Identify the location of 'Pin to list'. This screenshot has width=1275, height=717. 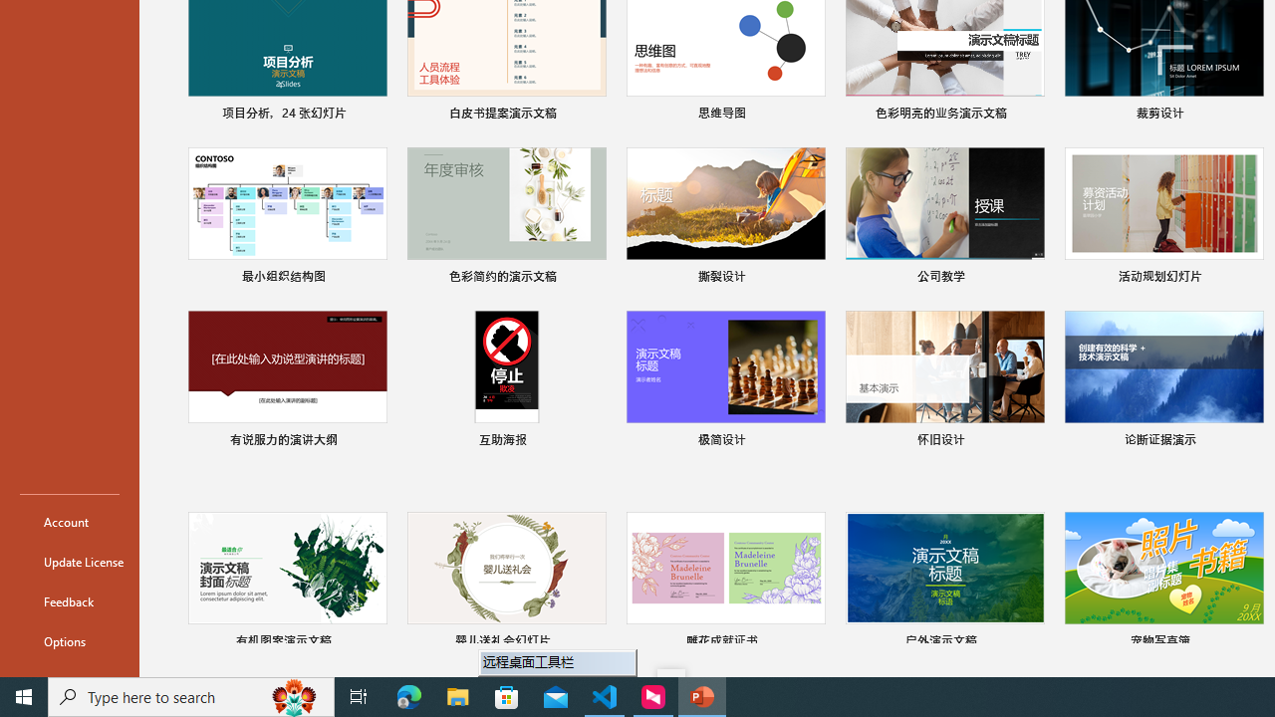
(1249, 642).